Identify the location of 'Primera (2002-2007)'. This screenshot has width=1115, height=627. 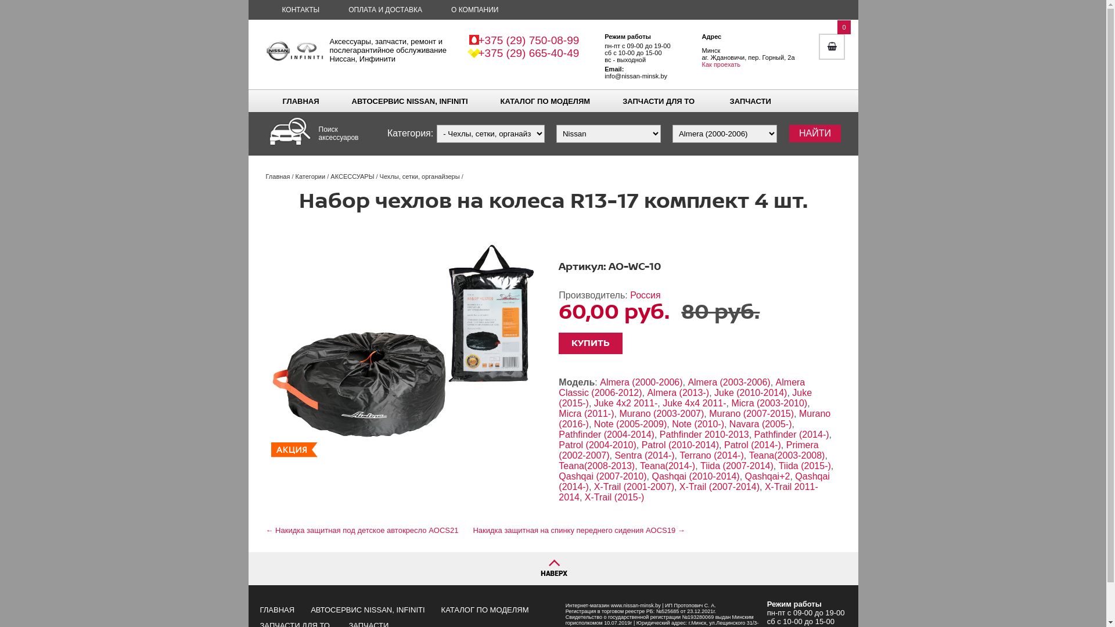
(688, 449).